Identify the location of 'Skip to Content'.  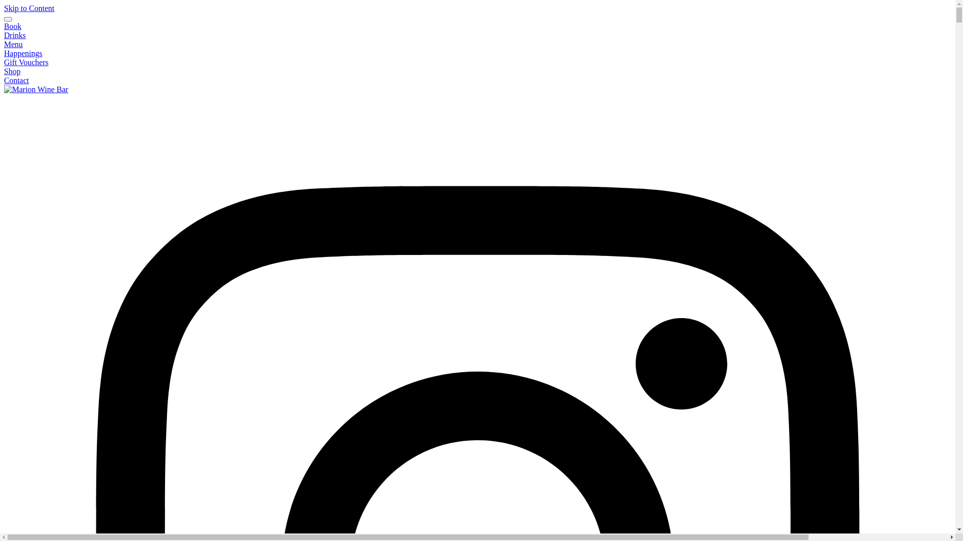
(29, 8).